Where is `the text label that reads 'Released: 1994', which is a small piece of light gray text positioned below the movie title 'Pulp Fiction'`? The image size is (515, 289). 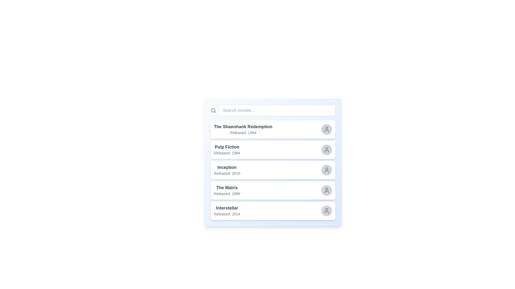 the text label that reads 'Released: 1994', which is a small piece of light gray text positioned below the movie title 'Pulp Fiction' is located at coordinates (227, 153).